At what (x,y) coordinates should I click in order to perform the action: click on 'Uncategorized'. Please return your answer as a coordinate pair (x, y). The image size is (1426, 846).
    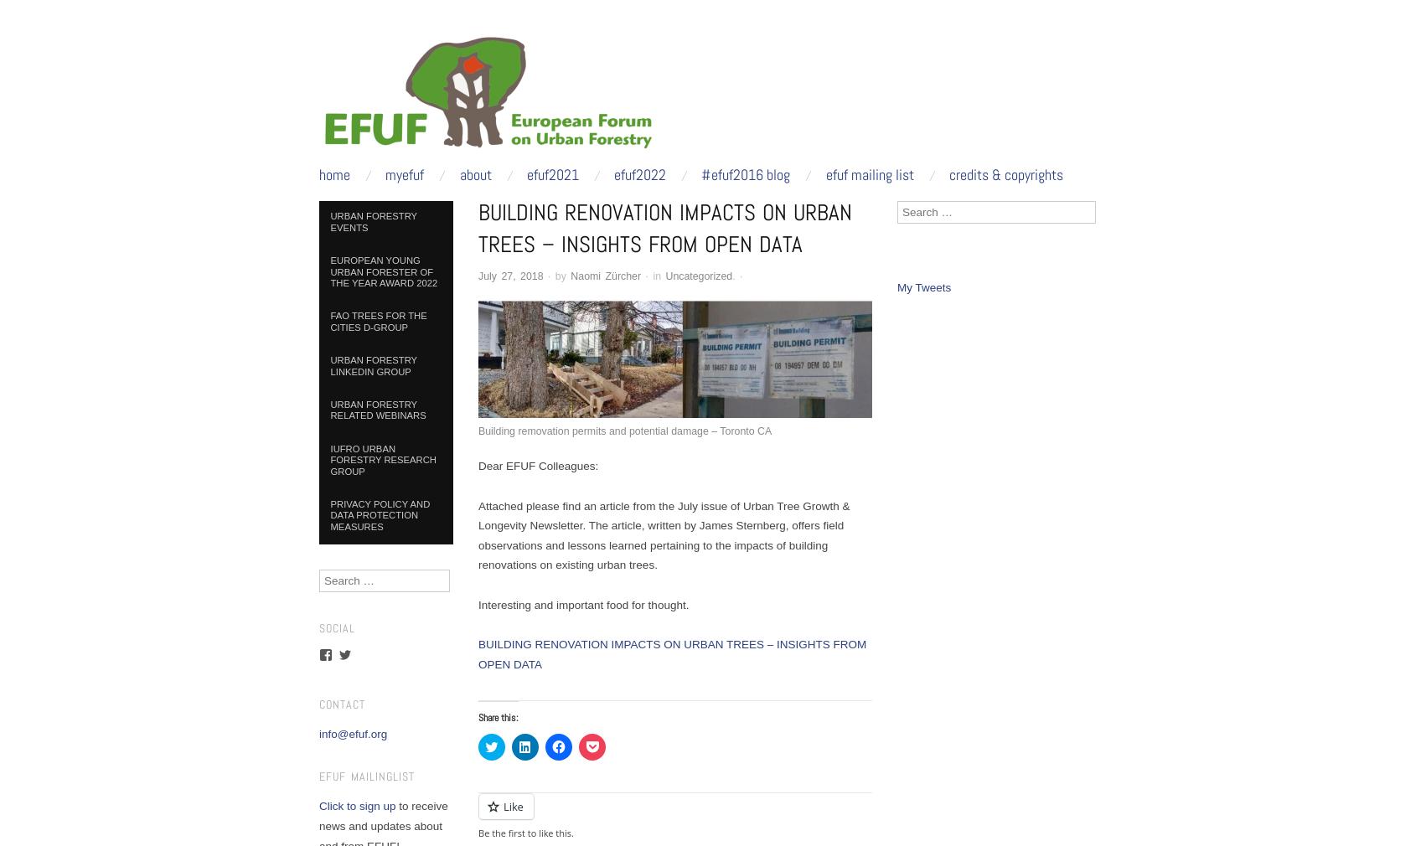
    Looking at the image, I should click on (697, 275).